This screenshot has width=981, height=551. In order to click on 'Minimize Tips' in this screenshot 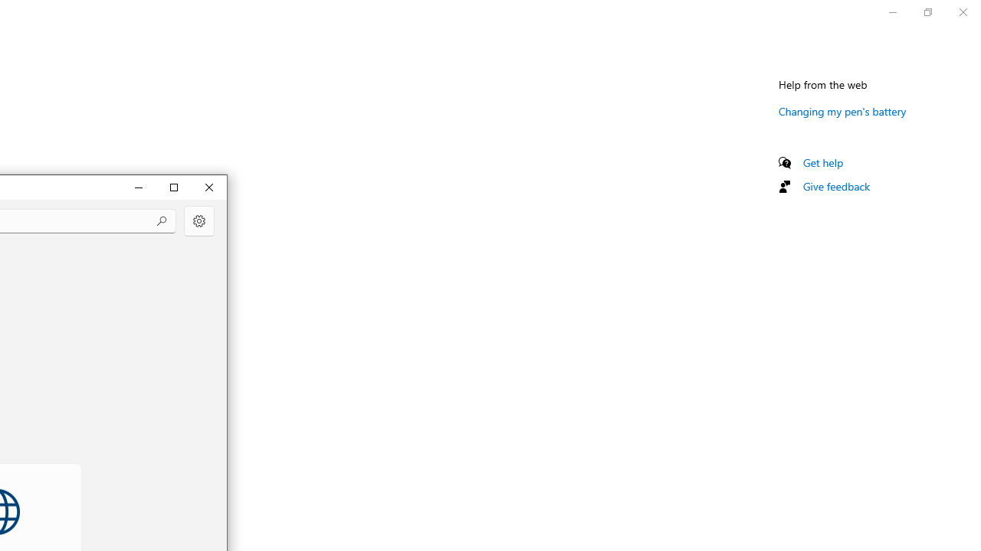, I will do `click(138, 186)`.